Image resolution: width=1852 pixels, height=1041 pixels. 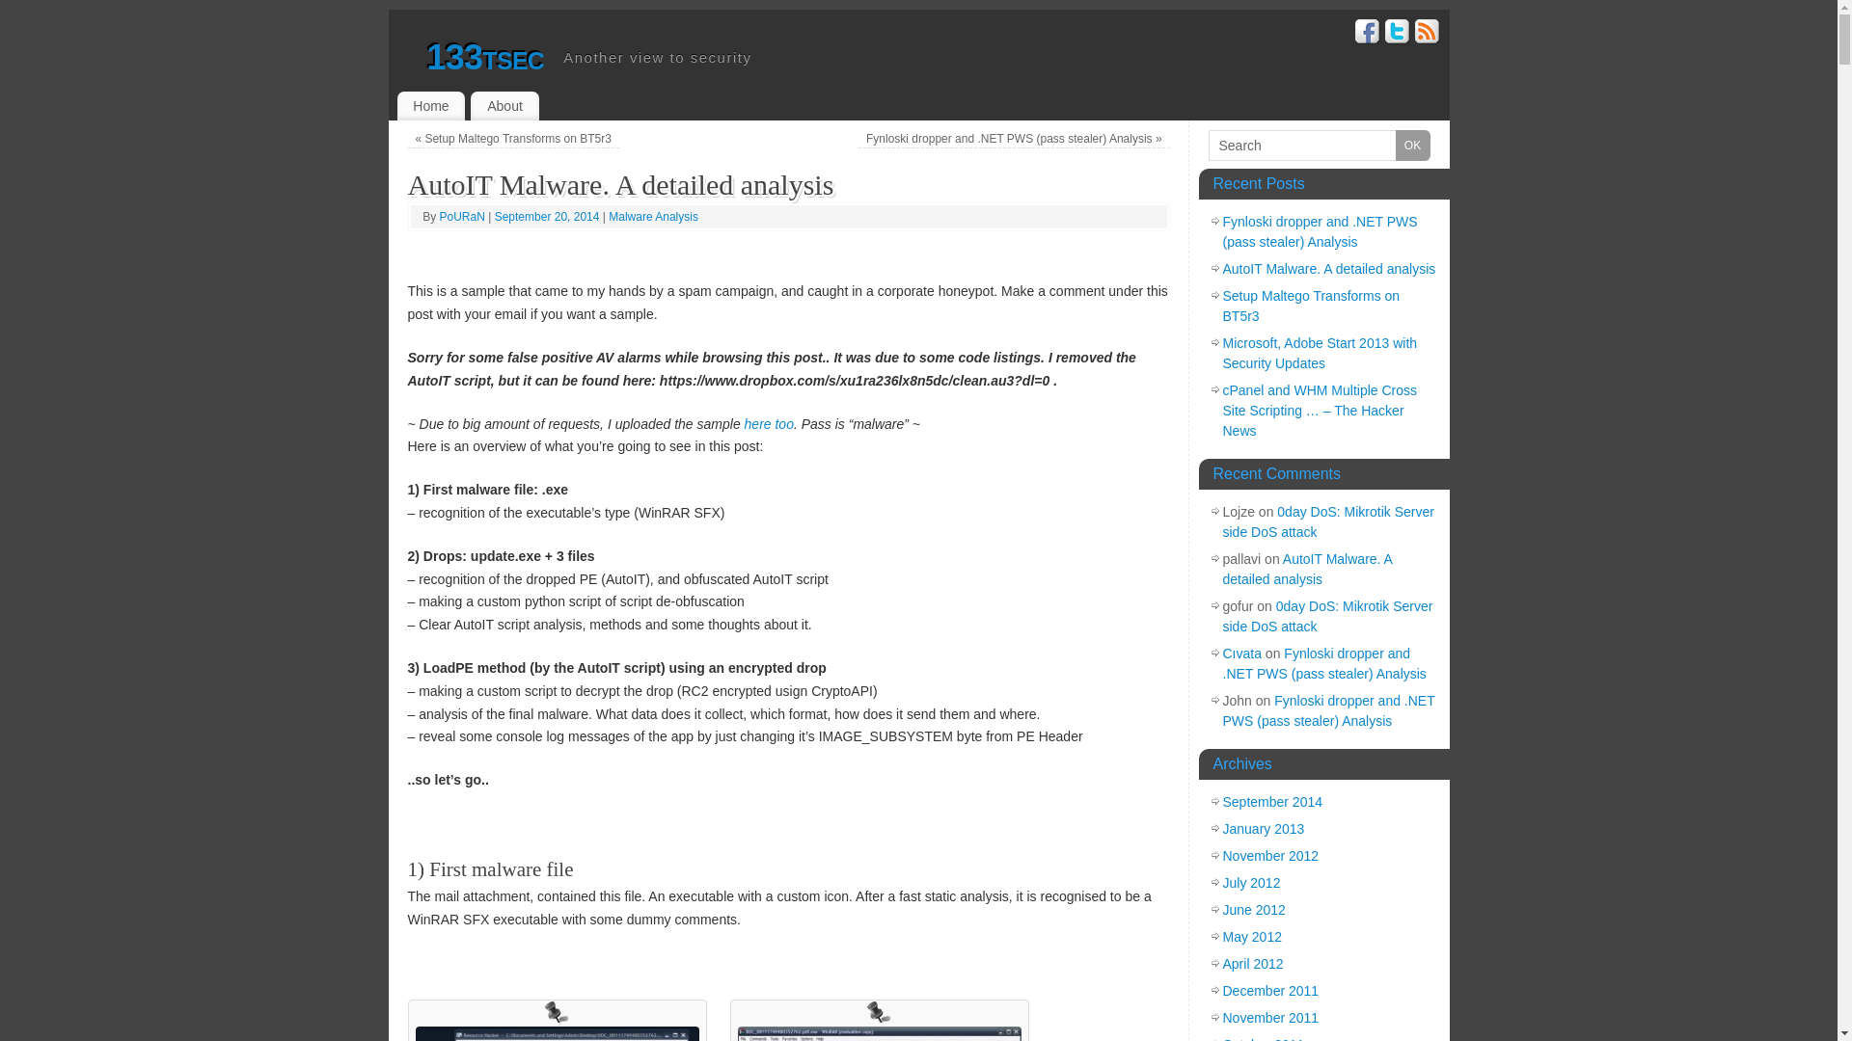 I want to click on '0day DoS: Mikrotik Server side DoS attack', so click(x=1221, y=521).